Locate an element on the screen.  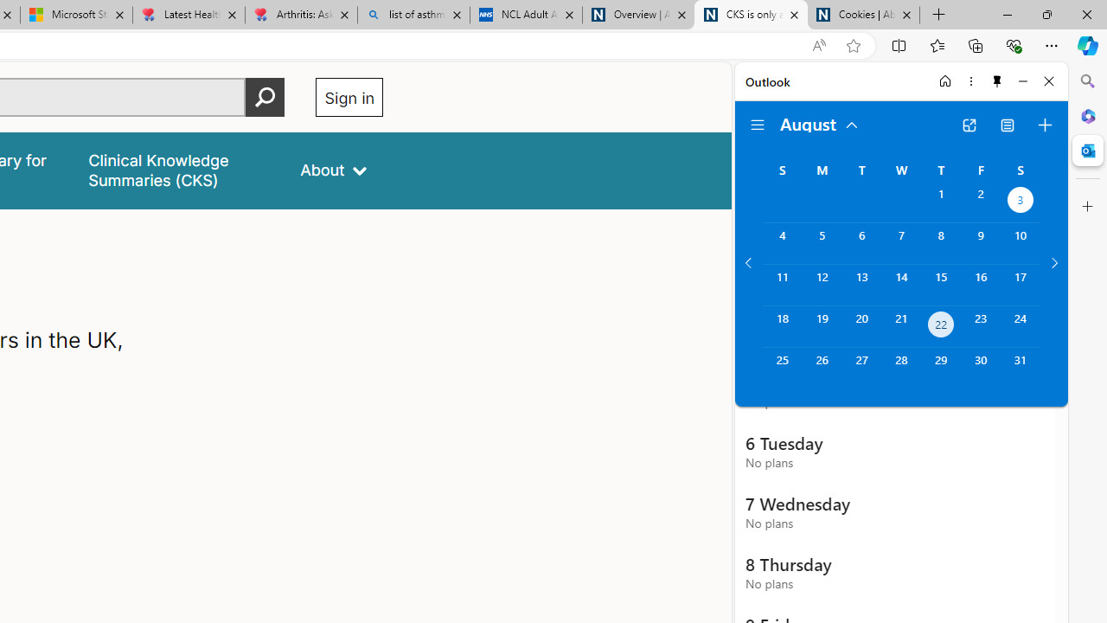
'Saturday, August 31, 2024. ' is located at coordinates (1021, 367).